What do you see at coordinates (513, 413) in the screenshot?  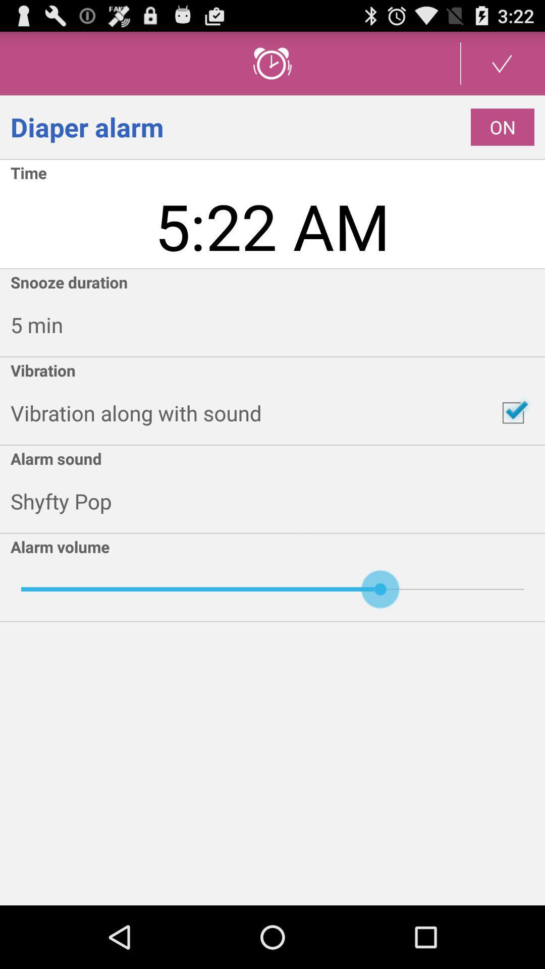 I see `item to the right of vibration along with` at bounding box center [513, 413].